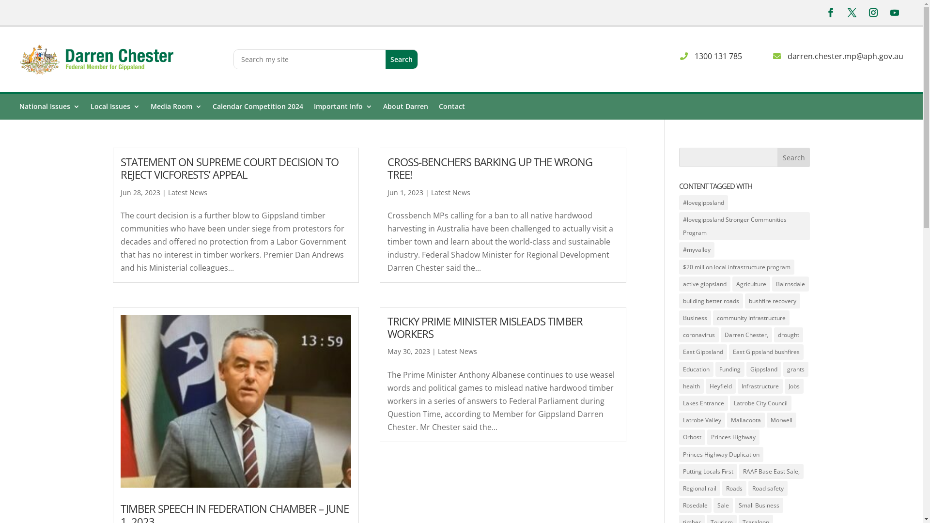  I want to click on 'Calendar Competition 2024', so click(258, 108).